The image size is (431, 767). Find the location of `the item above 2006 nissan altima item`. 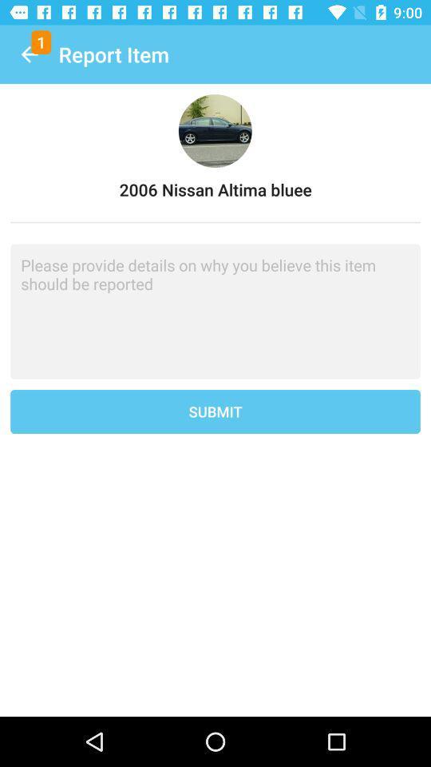

the item above 2006 nissan altima item is located at coordinates (29, 54).